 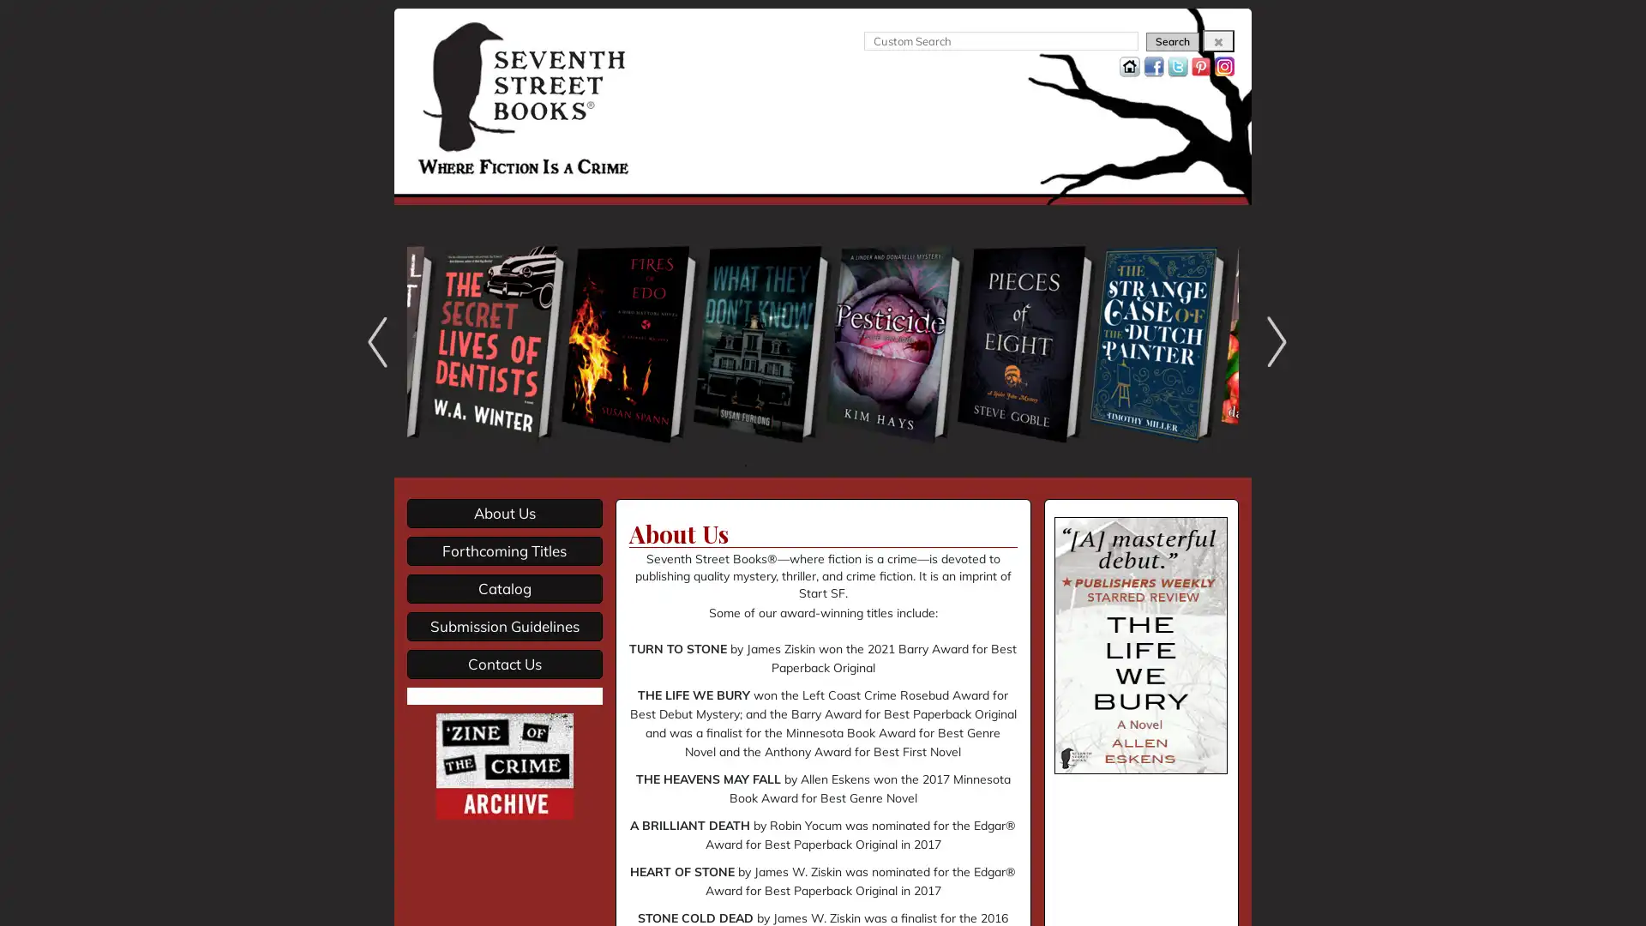 I want to click on Search, so click(x=1172, y=41).